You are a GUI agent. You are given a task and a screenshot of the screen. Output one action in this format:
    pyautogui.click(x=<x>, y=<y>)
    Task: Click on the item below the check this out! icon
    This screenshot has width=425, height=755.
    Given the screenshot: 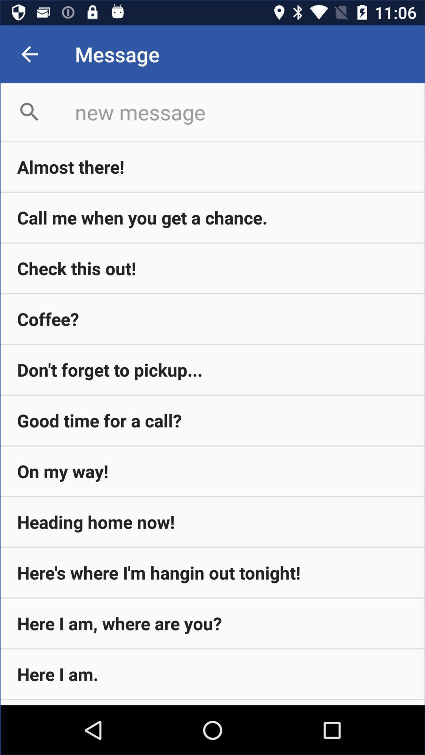 What is the action you would take?
    pyautogui.click(x=213, y=319)
    